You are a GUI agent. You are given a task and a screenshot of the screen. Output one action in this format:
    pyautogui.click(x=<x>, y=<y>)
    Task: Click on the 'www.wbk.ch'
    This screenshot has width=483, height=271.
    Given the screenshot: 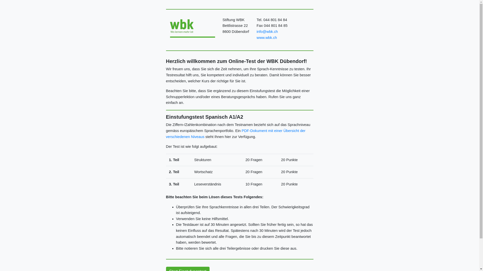 What is the action you would take?
    pyautogui.click(x=266, y=37)
    